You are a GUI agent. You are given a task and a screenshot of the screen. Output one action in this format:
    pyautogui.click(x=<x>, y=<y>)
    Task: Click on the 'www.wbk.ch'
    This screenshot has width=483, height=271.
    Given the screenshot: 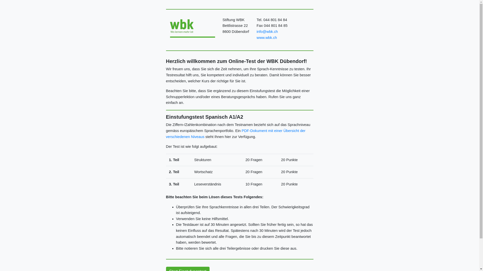 What is the action you would take?
    pyautogui.click(x=266, y=37)
    